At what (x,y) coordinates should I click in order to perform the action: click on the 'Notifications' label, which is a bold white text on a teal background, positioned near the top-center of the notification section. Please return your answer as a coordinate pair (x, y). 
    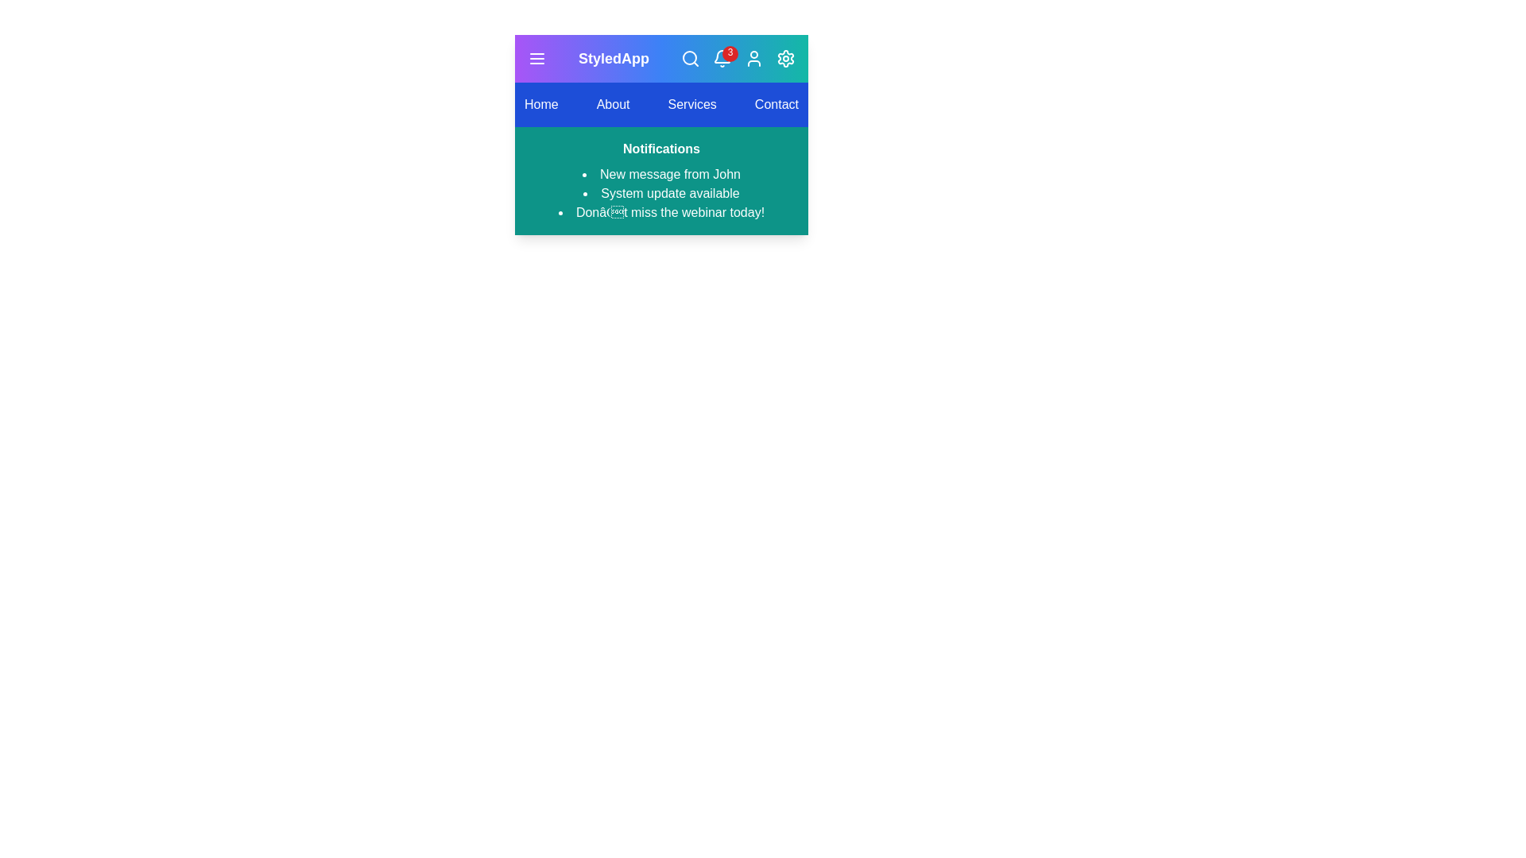
    Looking at the image, I should click on (661, 149).